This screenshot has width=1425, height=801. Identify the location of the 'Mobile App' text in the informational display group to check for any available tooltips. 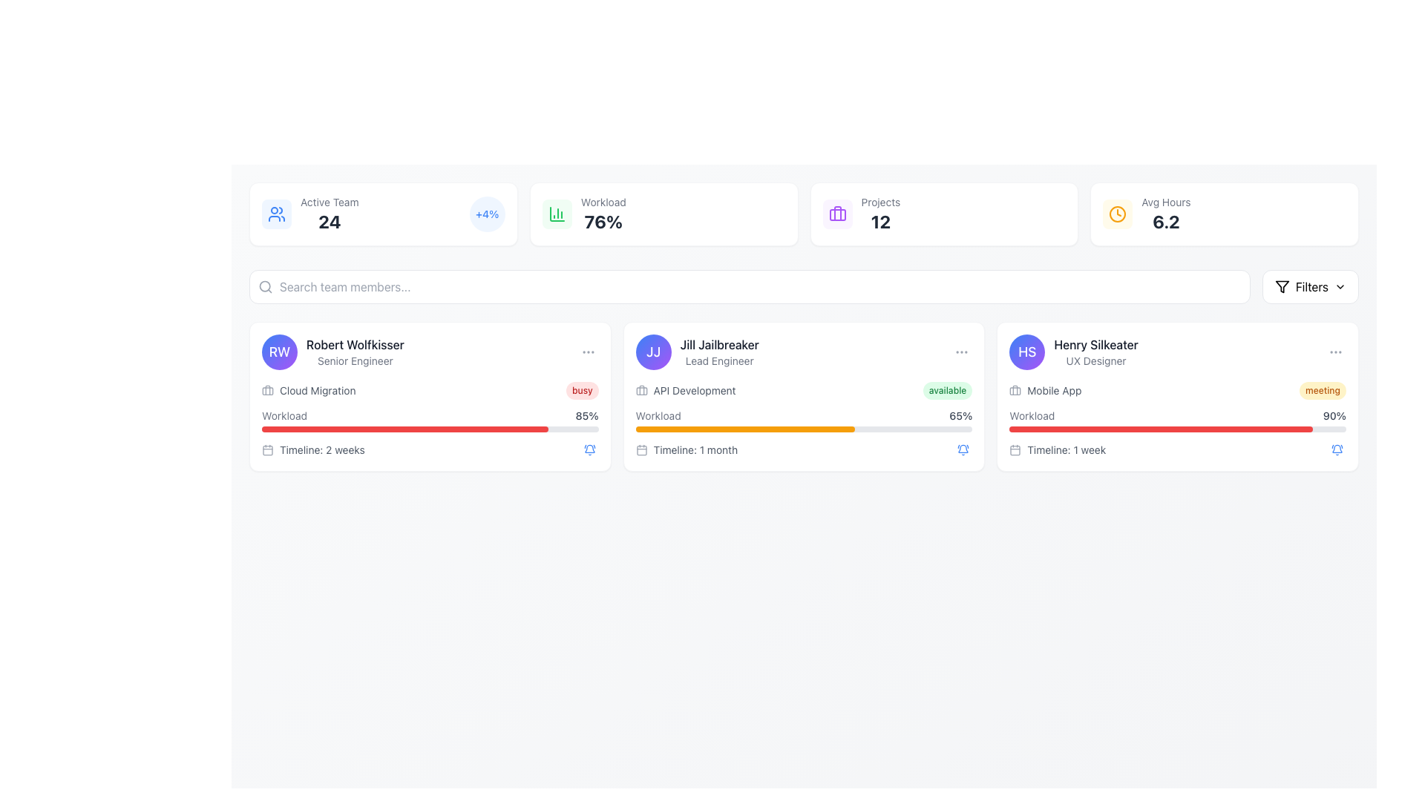
(1177, 421).